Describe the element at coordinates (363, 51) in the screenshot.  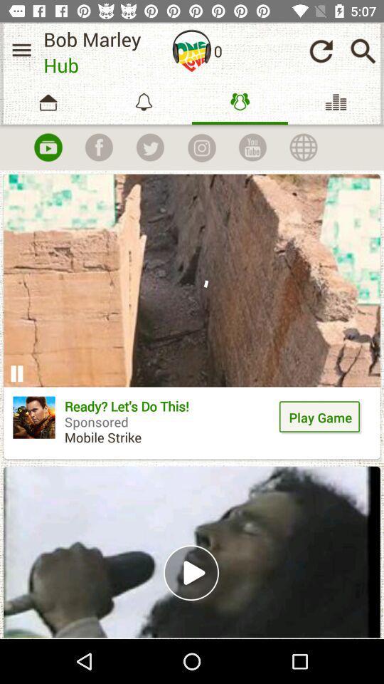
I see `the search bar icon` at that location.